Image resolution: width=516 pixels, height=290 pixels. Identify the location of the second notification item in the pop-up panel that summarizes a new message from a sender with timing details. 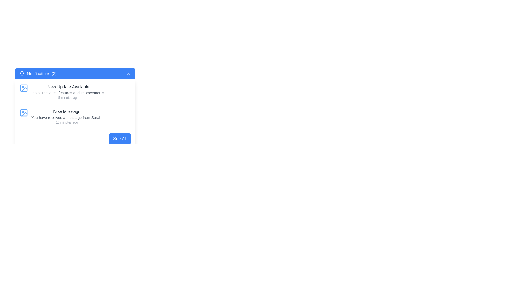
(67, 116).